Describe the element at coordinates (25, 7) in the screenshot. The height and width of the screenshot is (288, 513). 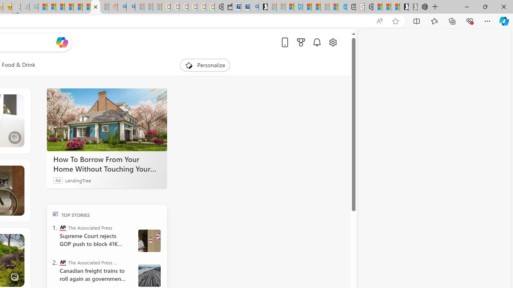
I see `'Navy Quest'` at that location.